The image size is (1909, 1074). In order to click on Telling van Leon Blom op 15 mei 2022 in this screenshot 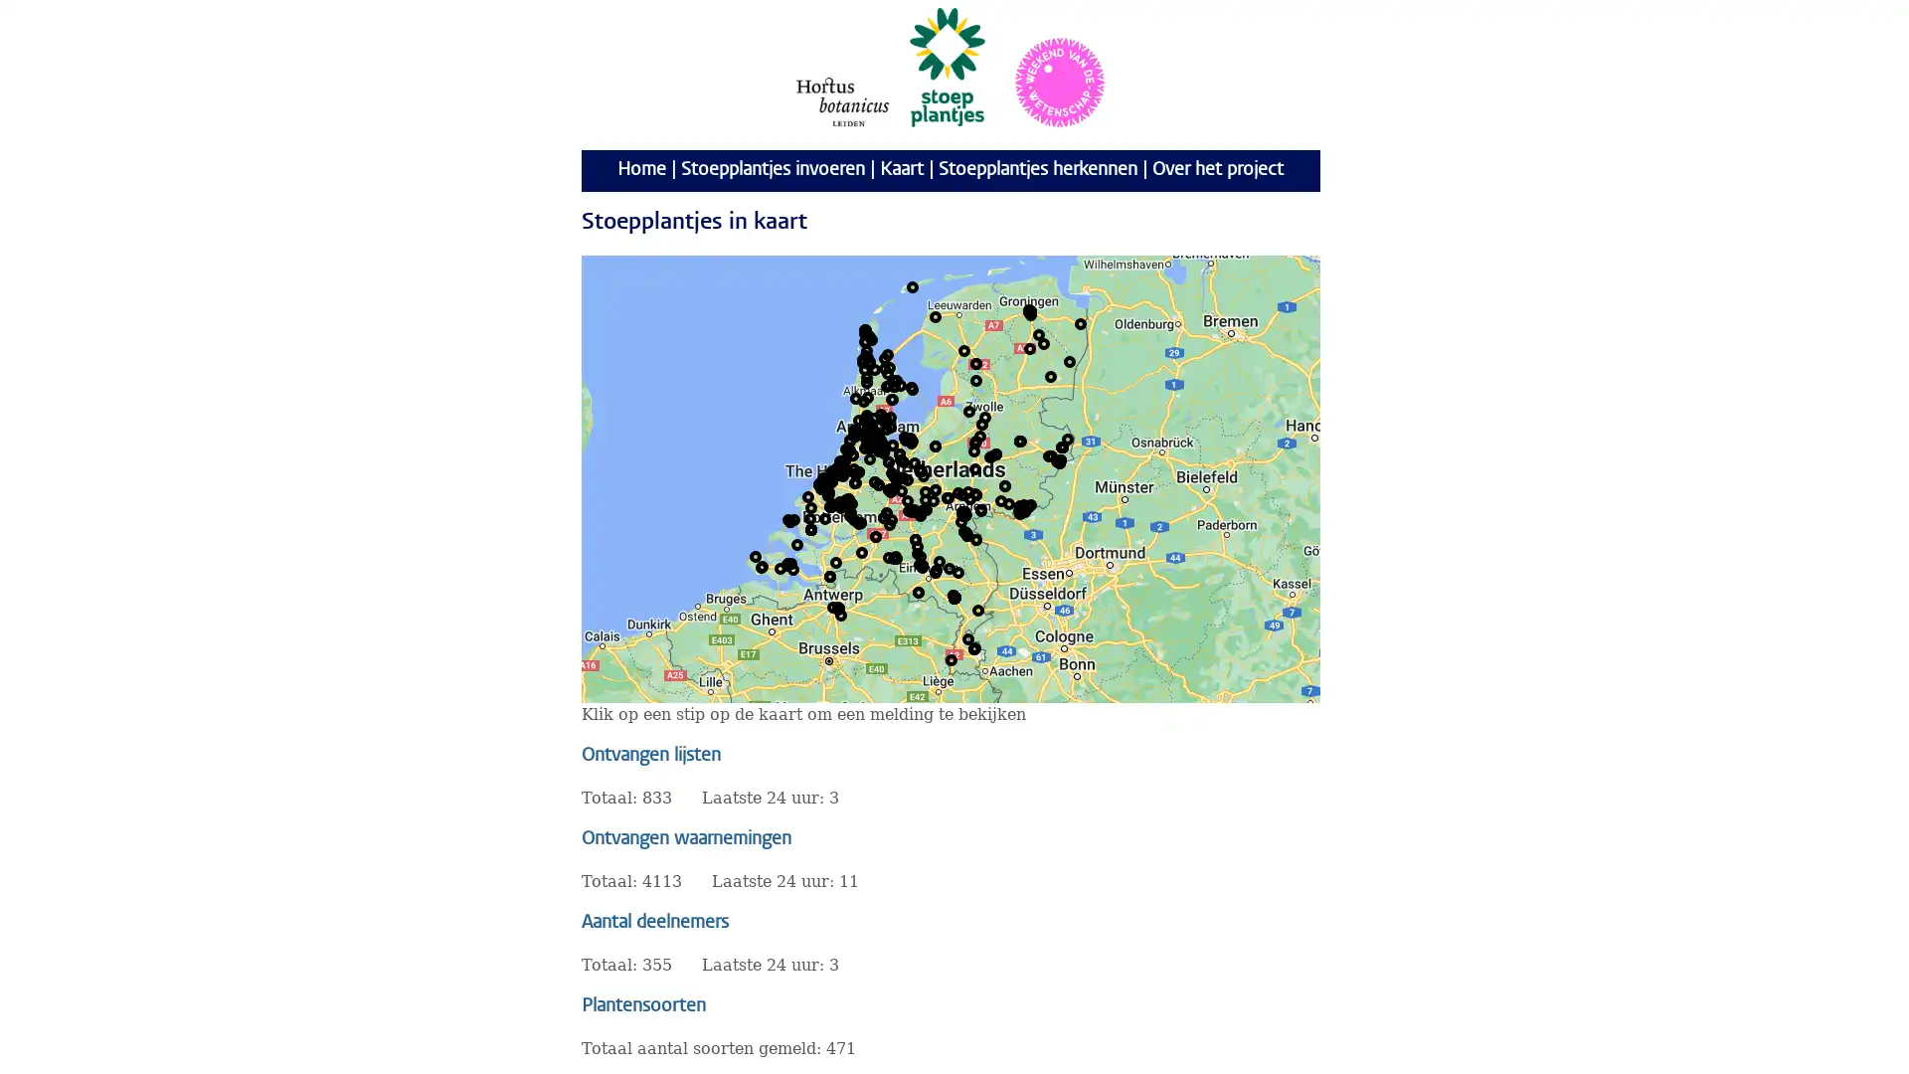, I will do `click(915, 539)`.